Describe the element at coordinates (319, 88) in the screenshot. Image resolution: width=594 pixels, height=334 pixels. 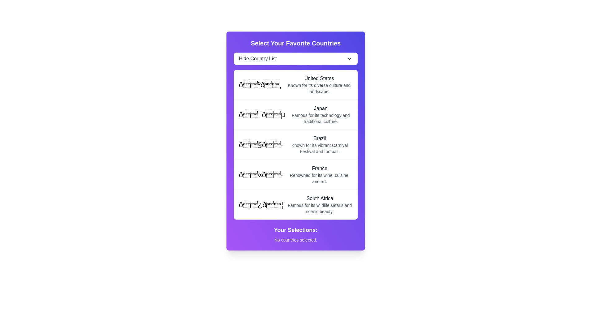
I see `the descriptive text block that provides information about 'United States', which is positioned below the title in a card-like structure` at that location.